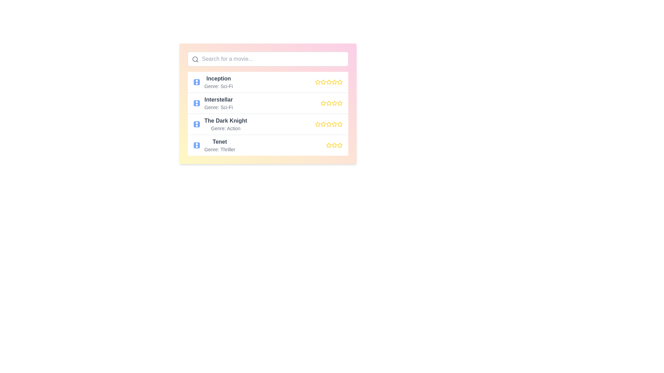 Image resolution: width=664 pixels, height=373 pixels. What do you see at coordinates (317, 124) in the screenshot?
I see `the first star icon` at bounding box center [317, 124].